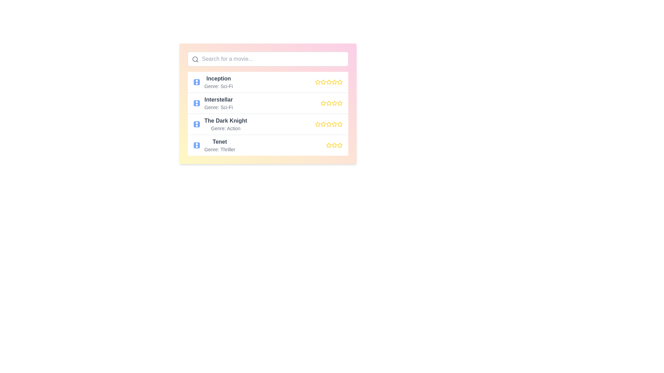 Image resolution: width=664 pixels, height=373 pixels. What do you see at coordinates (317, 124) in the screenshot?
I see `the first star icon` at bounding box center [317, 124].